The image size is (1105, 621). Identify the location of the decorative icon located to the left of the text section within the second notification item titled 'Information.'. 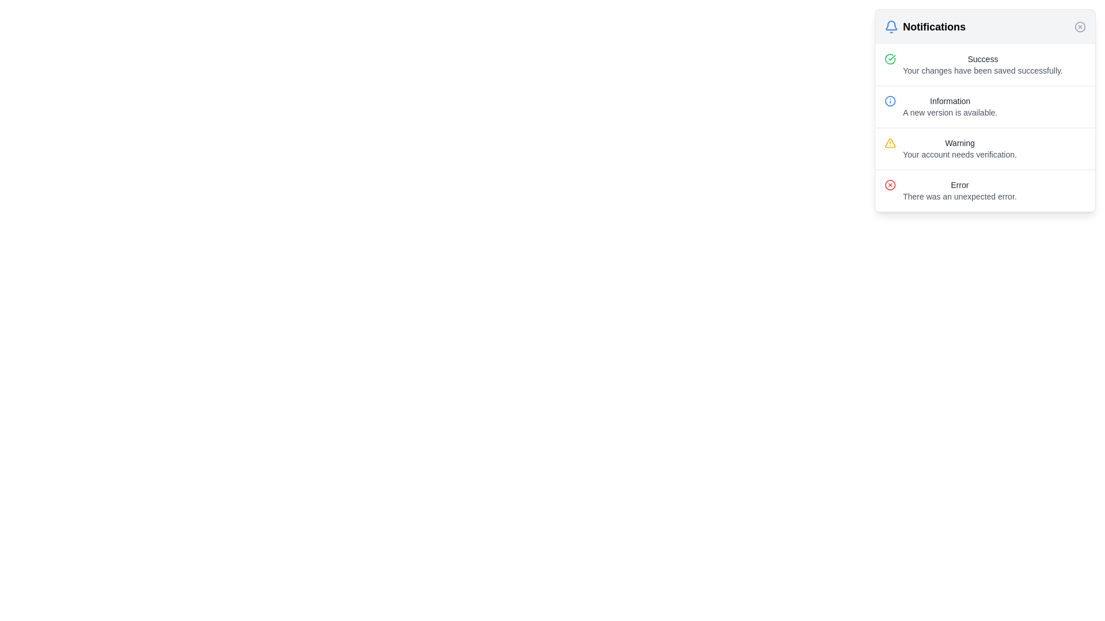
(889, 101).